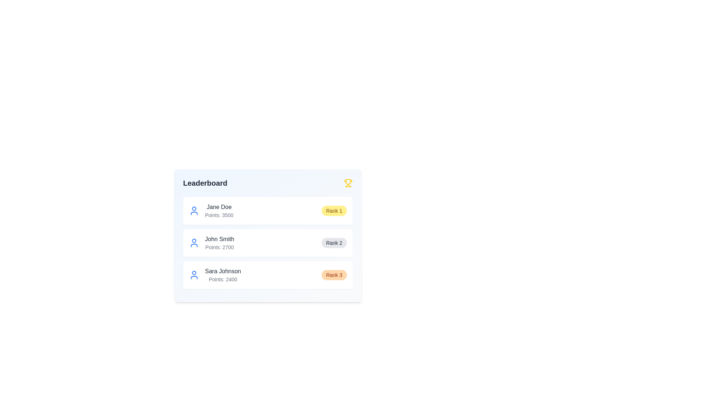 The height and width of the screenshot is (394, 701). What do you see at coordinates (194, 275) in the screenshot?
I see `the avatar icon representing user 'Sara Johnson' in the leaderboard, located to the left of the text 'Sara Johnson' and 'Points: 2400'` at bounding box center [194, 275].